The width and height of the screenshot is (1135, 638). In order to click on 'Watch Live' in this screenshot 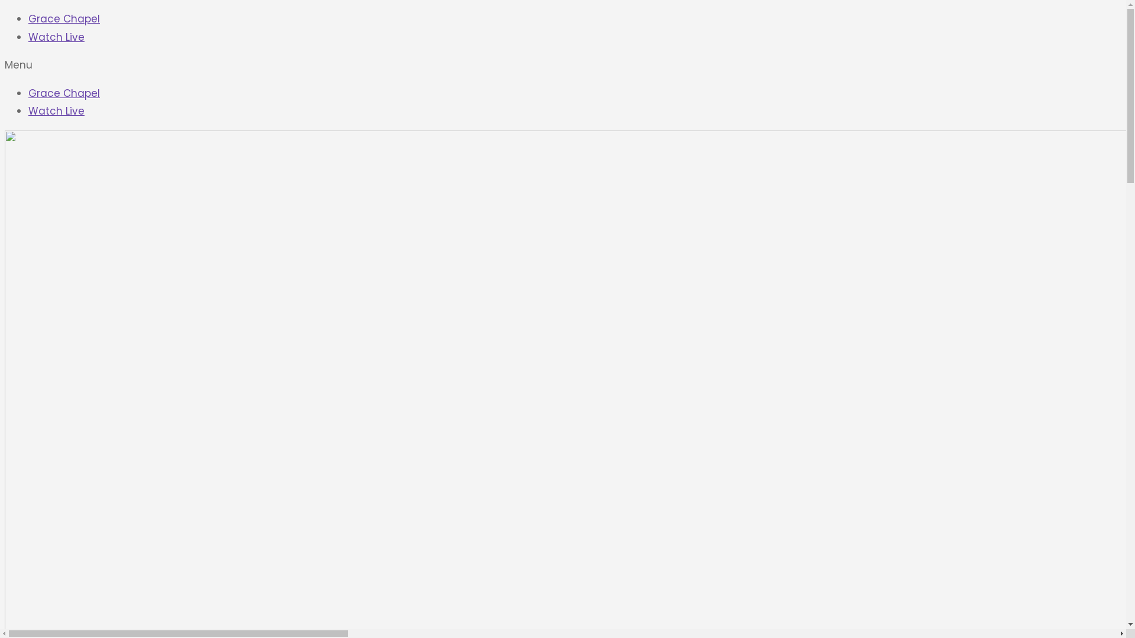, I will do `click(56, 111)`.